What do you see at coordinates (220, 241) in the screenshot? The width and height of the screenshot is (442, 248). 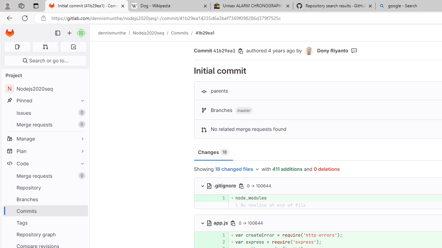 I see `'2'` at bounding box center [220, 241].